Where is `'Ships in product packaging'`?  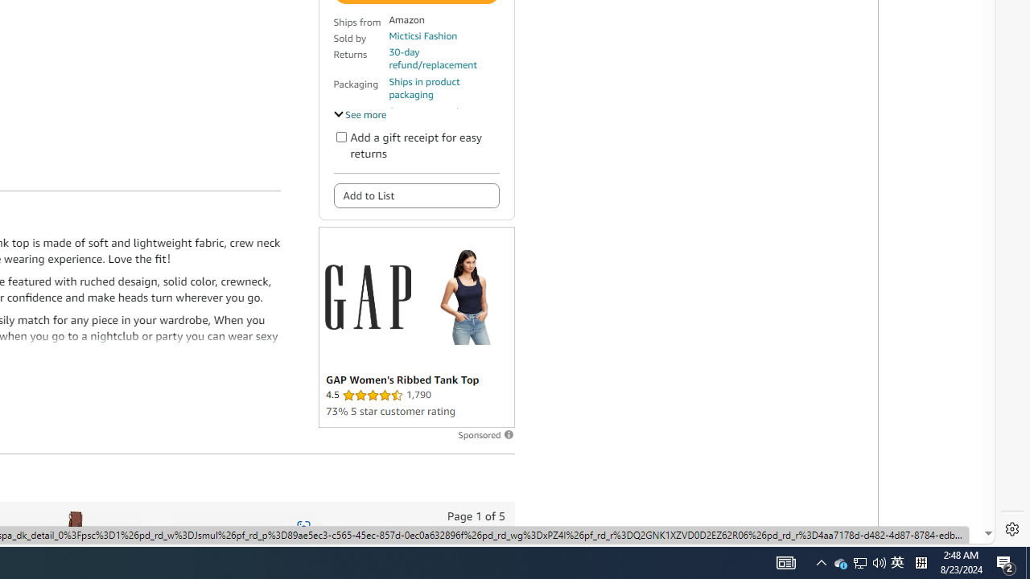
'Ships in product packaging' is located at coordinates (443, 88).